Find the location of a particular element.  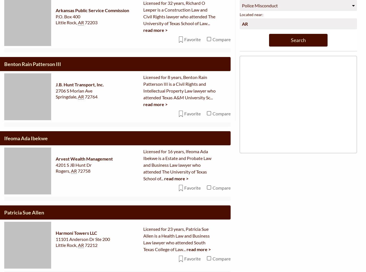

'Criminal Defense Associations' is located at coordinates (255, 225).